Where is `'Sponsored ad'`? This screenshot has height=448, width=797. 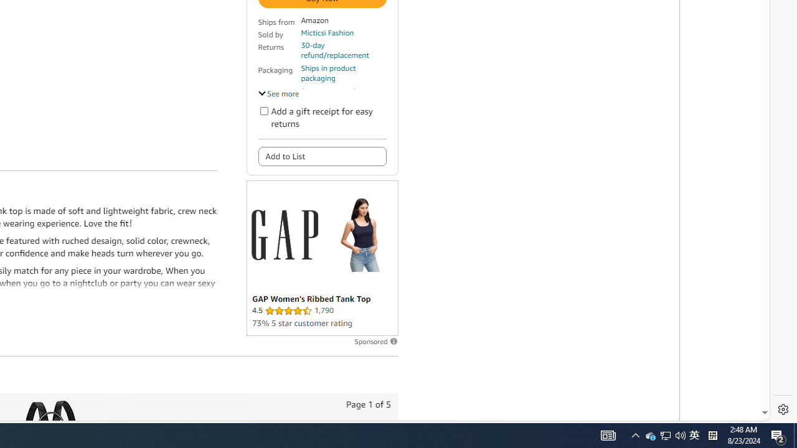
'Sponsored ad' is located at coordinates (322, 258).